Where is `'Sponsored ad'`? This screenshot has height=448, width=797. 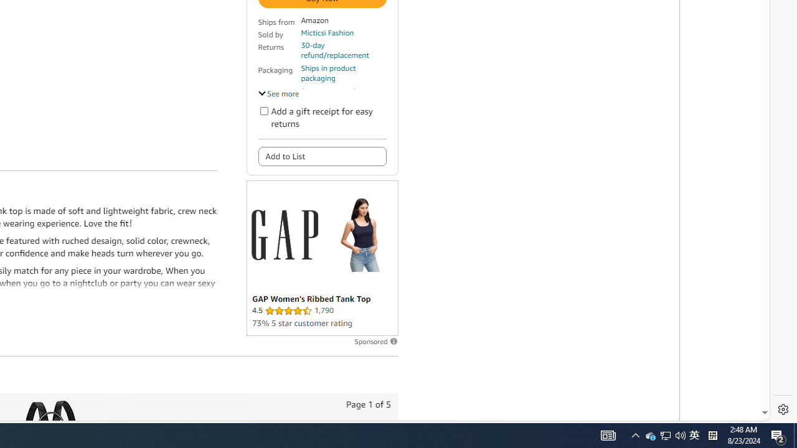
'Sponsored ad' is located at coordinates (322, 258).